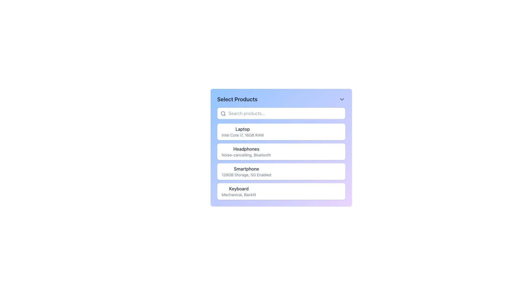 The image size is (530, 298). What do you see at coordinates (281, 191) in the screenshot?
I see `to select the 'Keyboard' item in the list, which is the fourth item below 'Smartphone' and above any other elements` at bounding box center [281, 191].